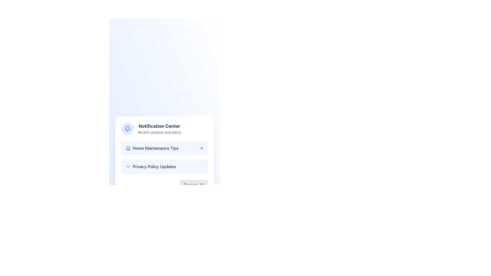  What do you see at coordinates (150, 166) in the screenshot?
I see `the clickable section header or dropdown trigger for 'Privacy Policy Updates'` at bounding box center [150, 166].